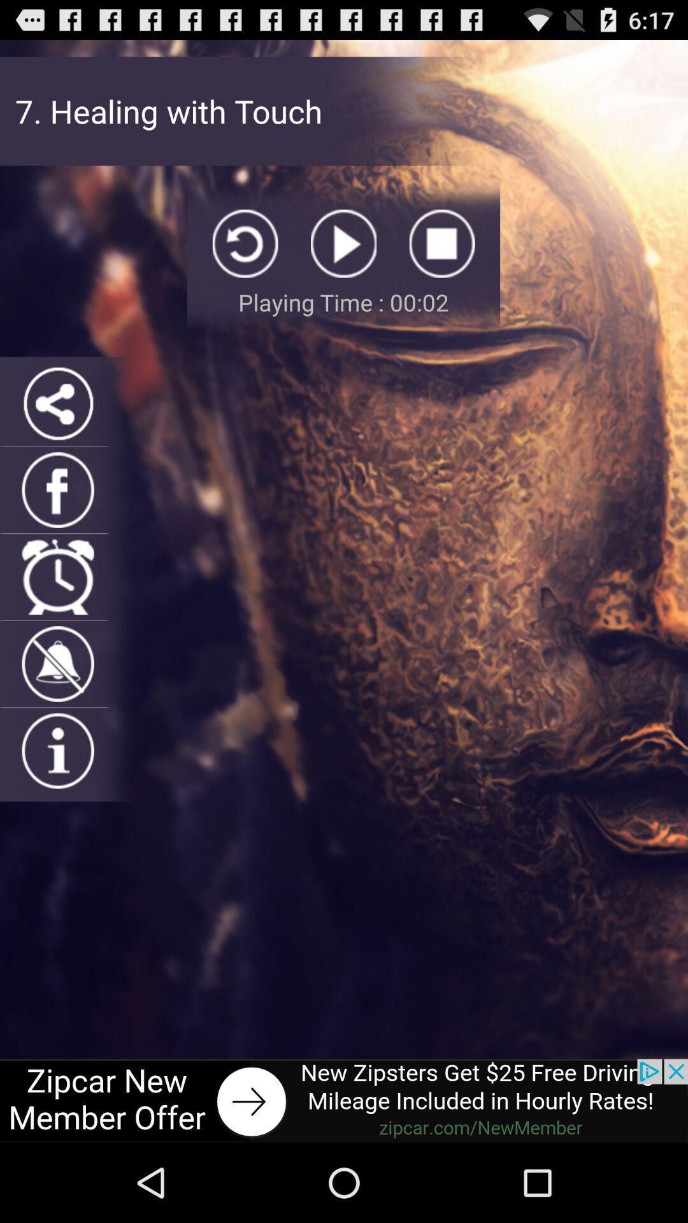 This screenshot has width=688, height=1223. I want to click on the facebook icon, so click(58, 524).